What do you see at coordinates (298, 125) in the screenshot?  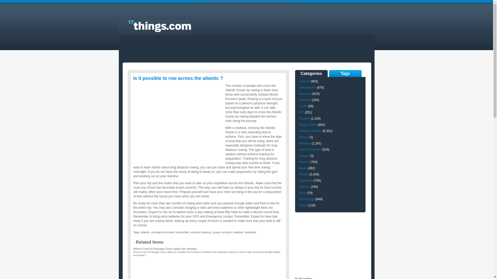 I see `'Food & Drink'` at bounding box center [298, 125].